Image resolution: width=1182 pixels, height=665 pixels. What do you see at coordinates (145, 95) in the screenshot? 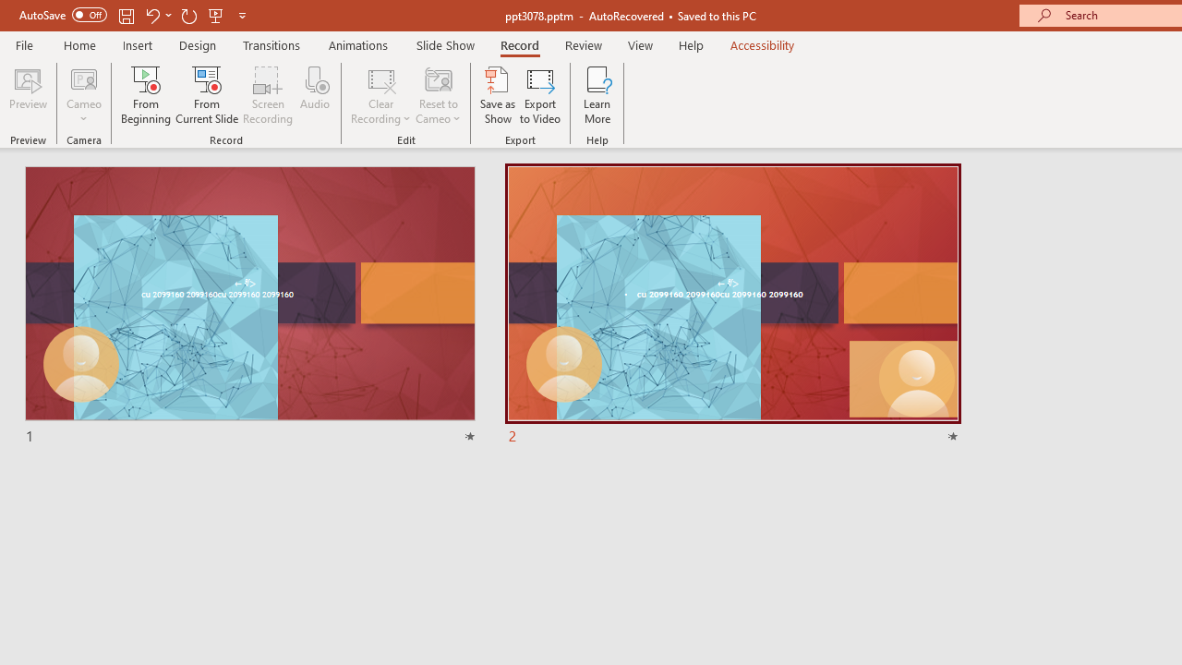
I see `'From Beginning...'` at bounding box center [145, 95].